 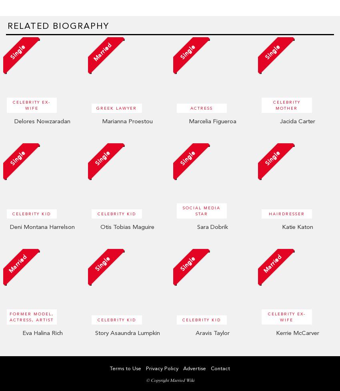 What do you see at coordinates (212, 120) in the screenshot?
I see `'Marcelia Figueroa'` at bounding box center [212, 120].